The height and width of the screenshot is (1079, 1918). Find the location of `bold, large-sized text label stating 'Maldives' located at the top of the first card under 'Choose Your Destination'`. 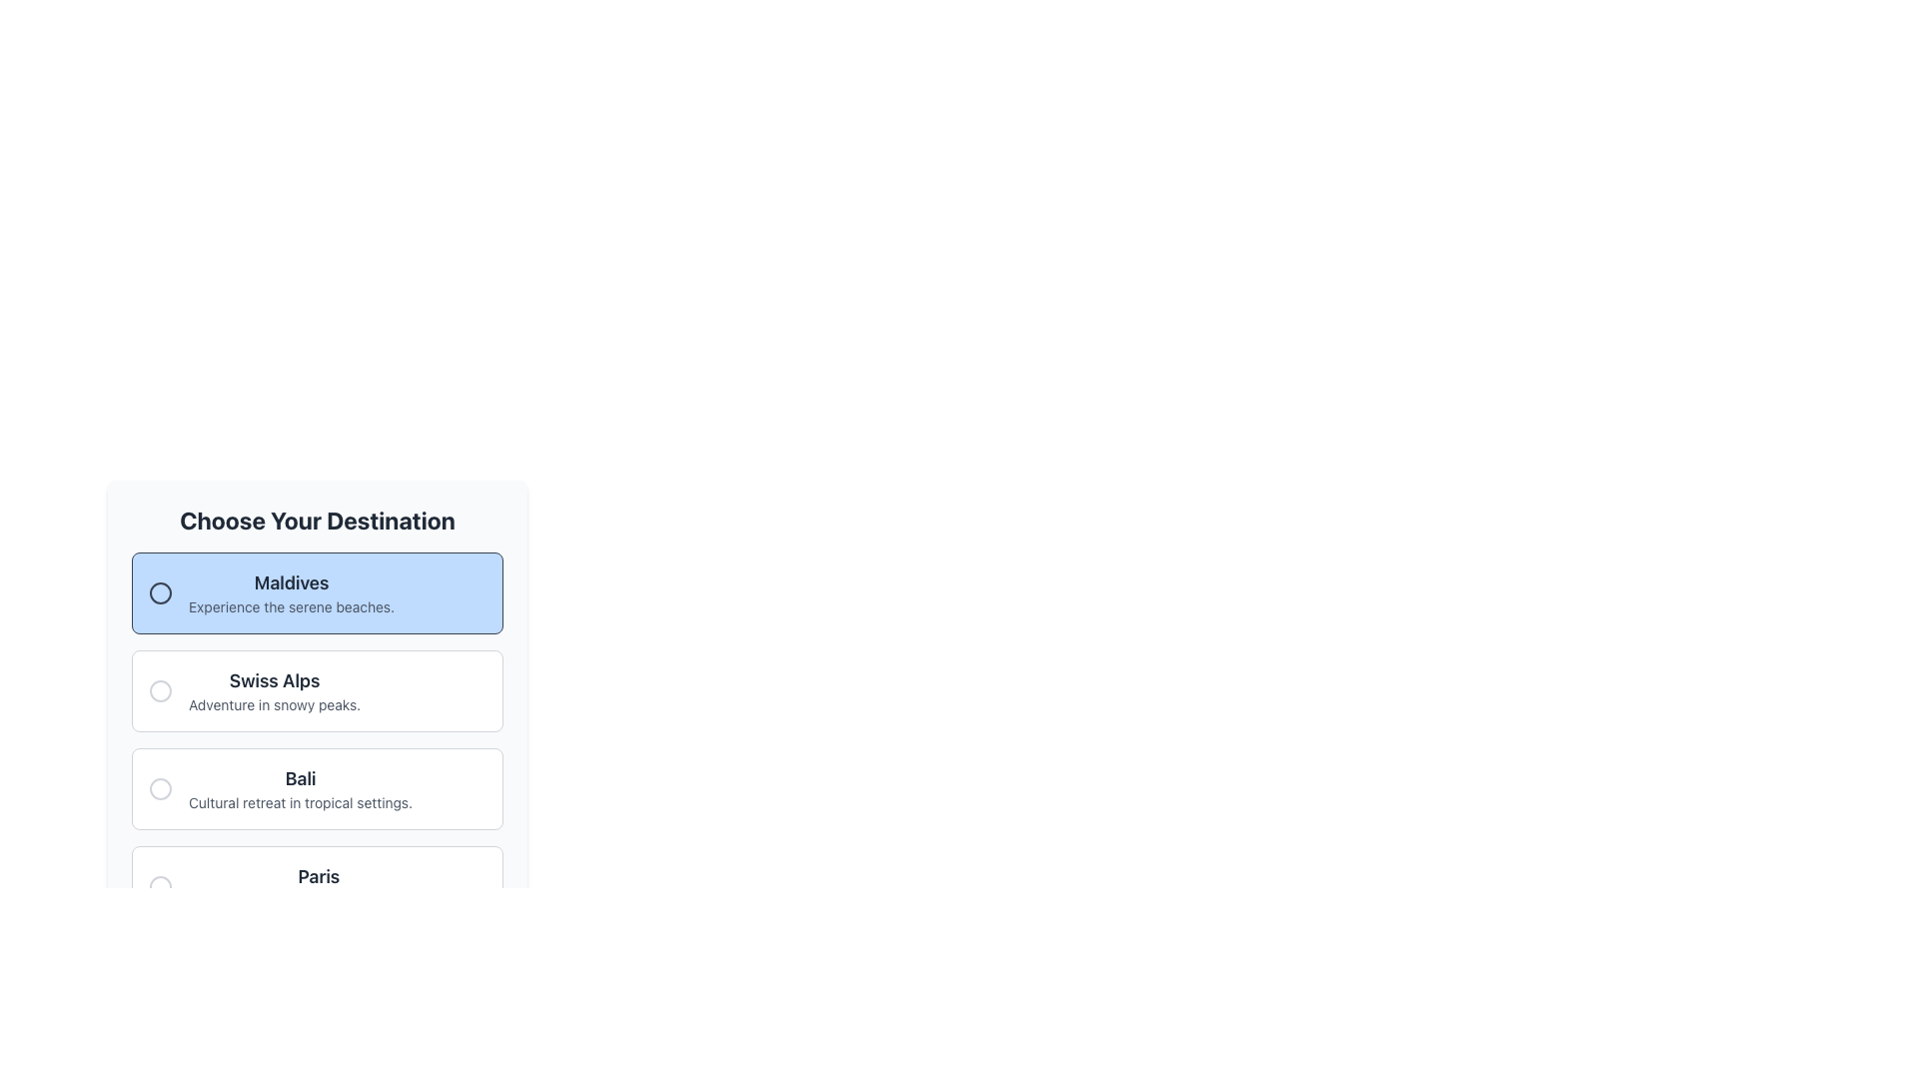

bold, large-sized text label stating 'Maldives' located at the top of the first card under 'Choose Your Destination' is located at coordinates (291, 582).